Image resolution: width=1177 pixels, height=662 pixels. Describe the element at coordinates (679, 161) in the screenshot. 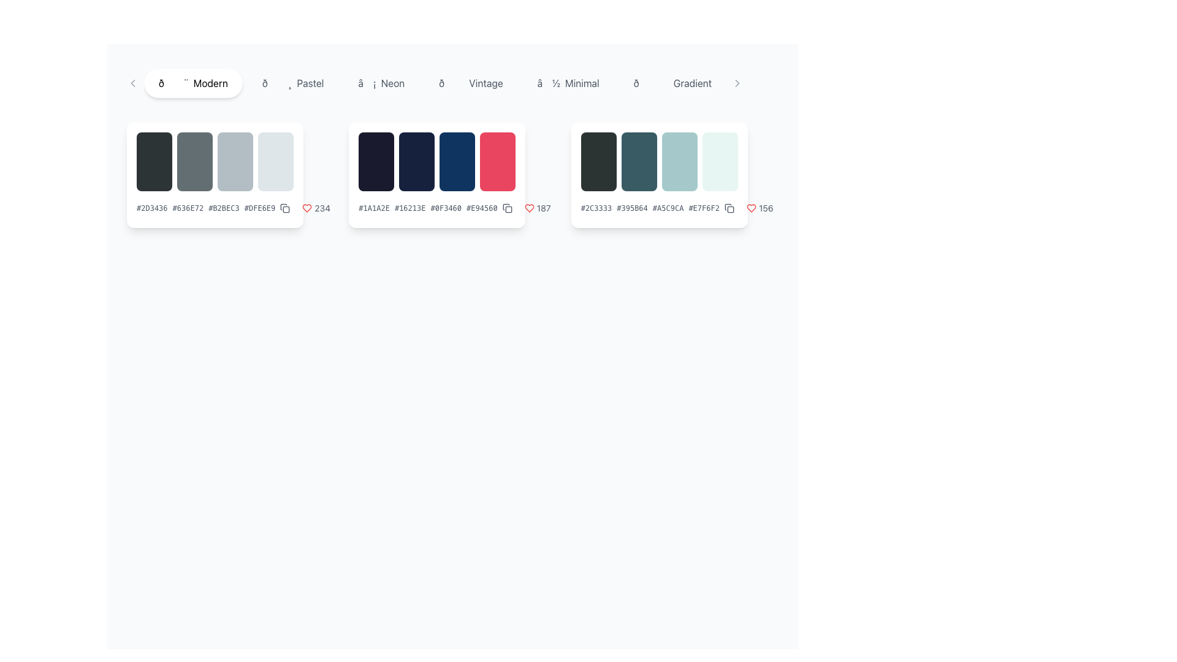

I see `the pale cyan color swatch with rounded corners, which is the third element among four in a horizontally arranged group` at that location.